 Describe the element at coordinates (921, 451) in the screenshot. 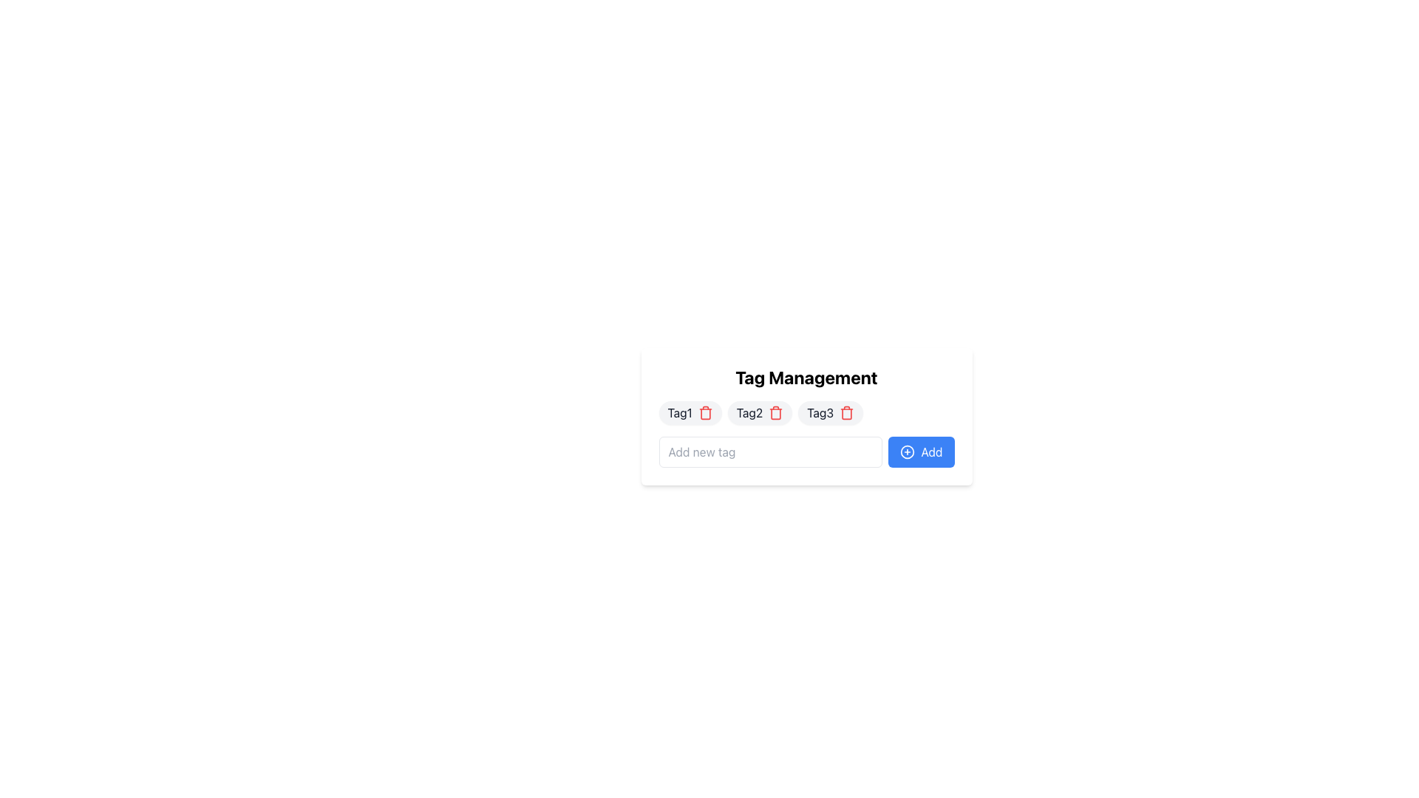

I see `the blue 'Add' button with rounded corners` at that location.